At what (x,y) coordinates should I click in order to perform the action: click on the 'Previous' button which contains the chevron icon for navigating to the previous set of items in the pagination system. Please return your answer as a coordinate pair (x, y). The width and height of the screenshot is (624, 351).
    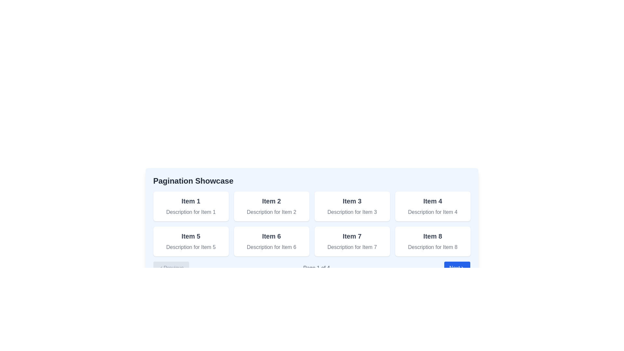
    Looking at the image, I should click on (161, 268).